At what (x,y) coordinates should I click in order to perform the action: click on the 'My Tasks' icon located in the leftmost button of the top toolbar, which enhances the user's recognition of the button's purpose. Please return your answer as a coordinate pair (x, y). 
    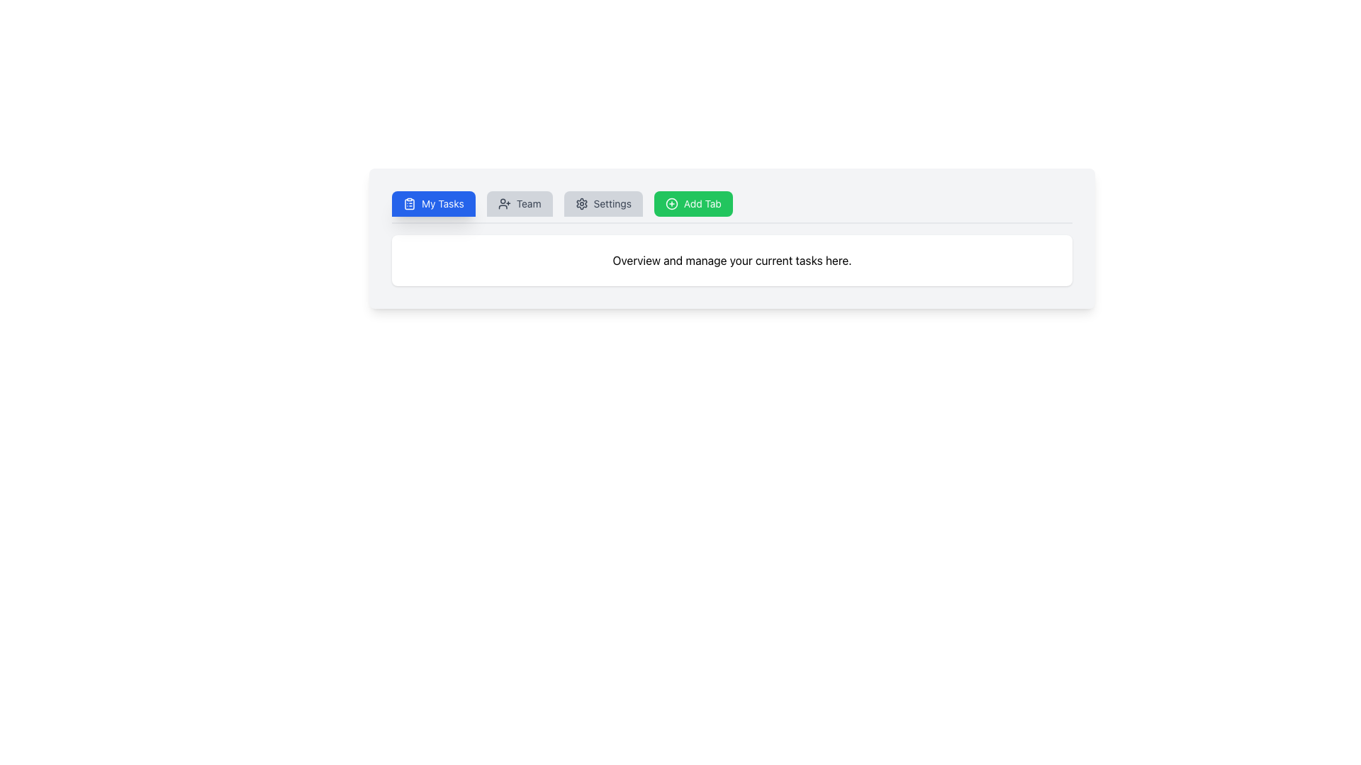
    Looking at the image, I should click on (408, 204).